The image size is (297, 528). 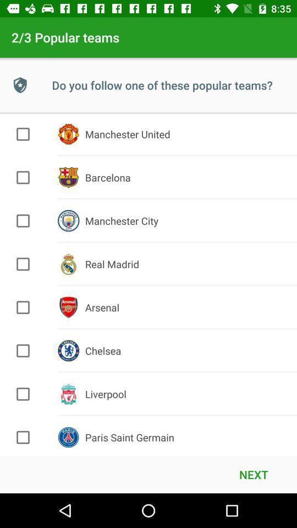 I want to click on option, so click(x=23, y=220).